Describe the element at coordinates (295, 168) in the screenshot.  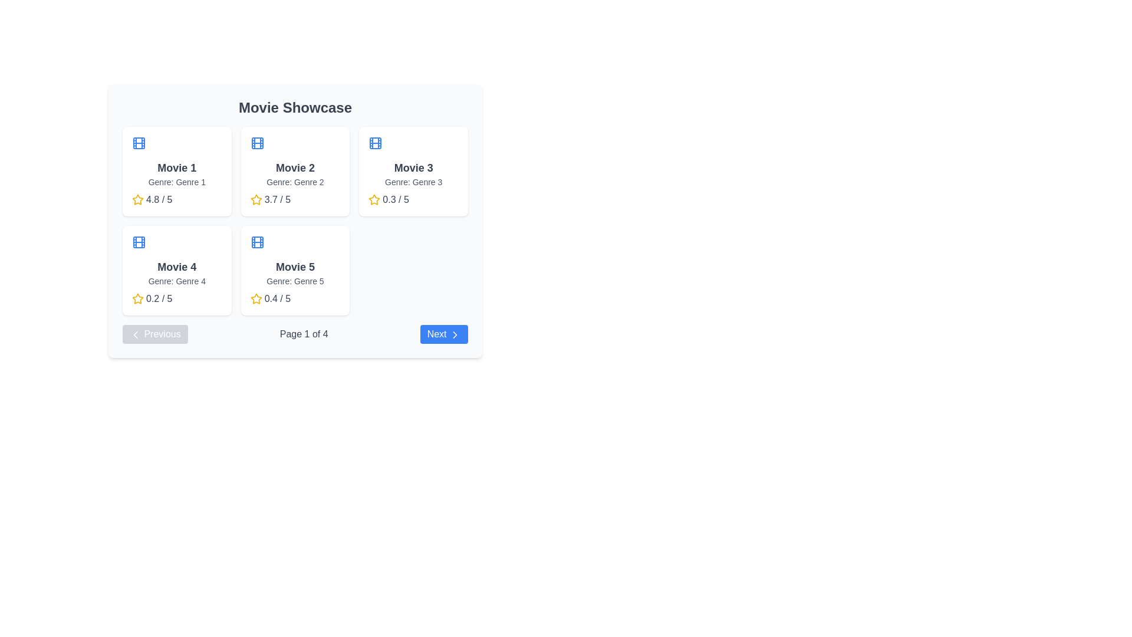
I see `text label styled as a heading with the content 'Movie 2', located in the second column of the first row within a card-like section of a grid layout` at that location.